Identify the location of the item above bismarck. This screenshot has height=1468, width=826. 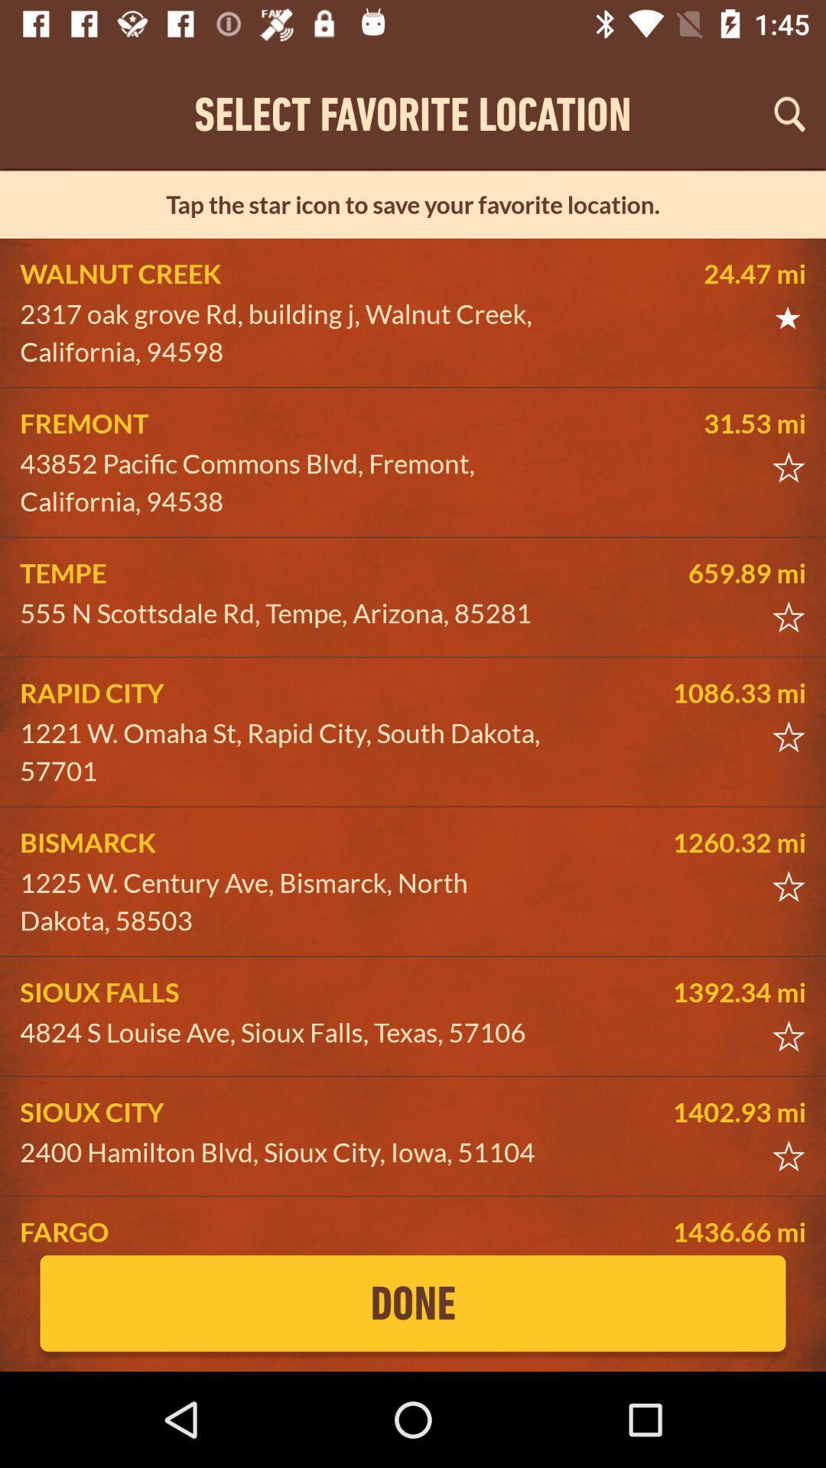
(288, 752).